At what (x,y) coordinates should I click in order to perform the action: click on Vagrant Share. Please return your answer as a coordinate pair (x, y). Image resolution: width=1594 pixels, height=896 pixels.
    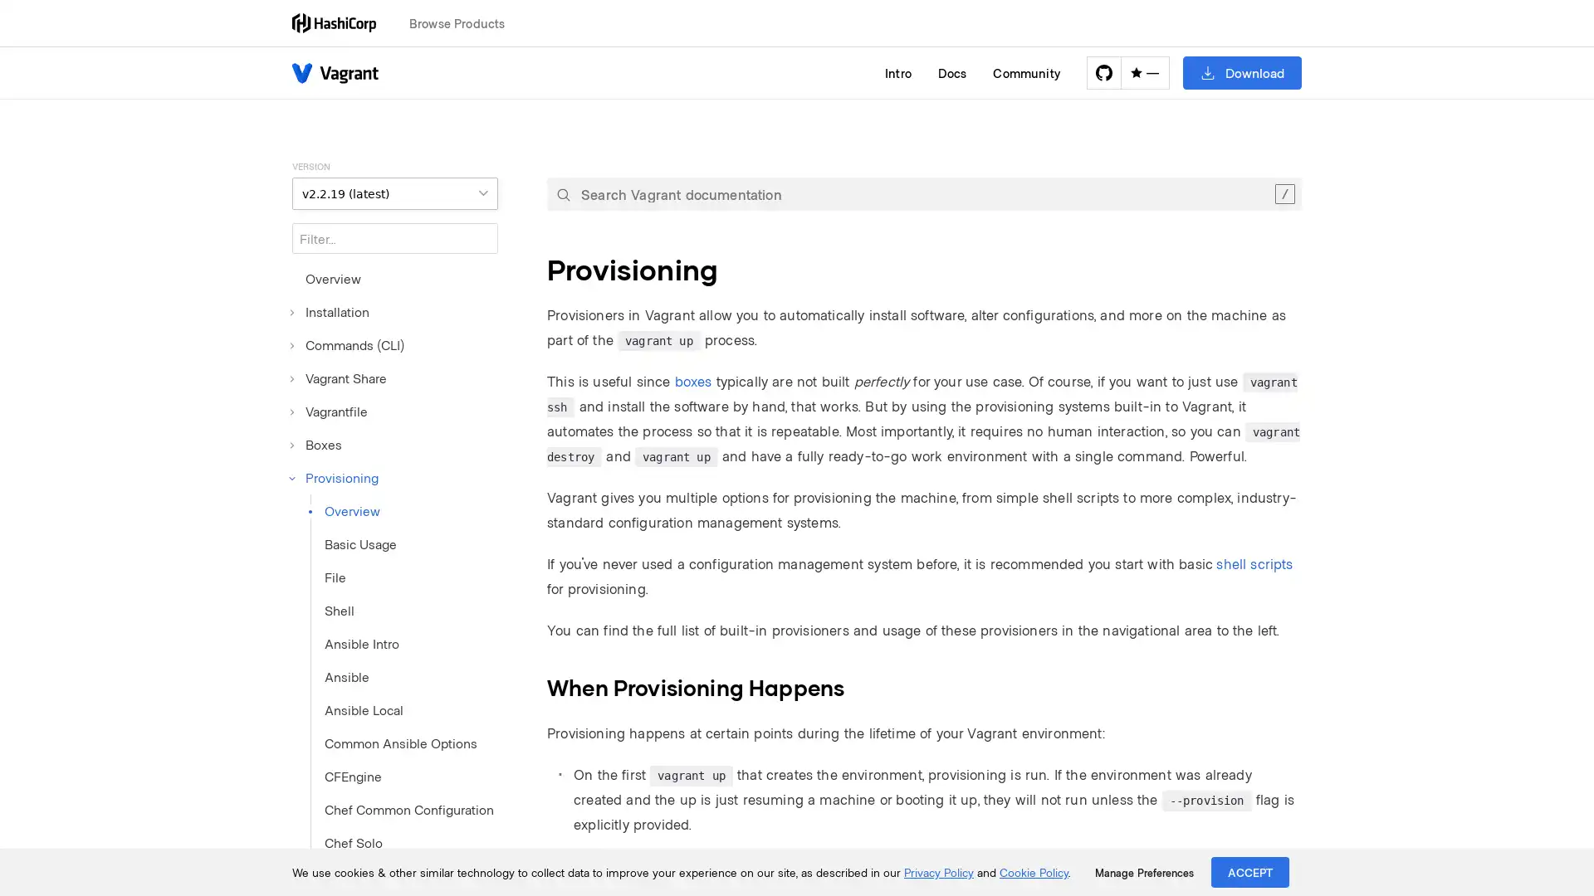
    Looking at the image, I should click on (338, 377).